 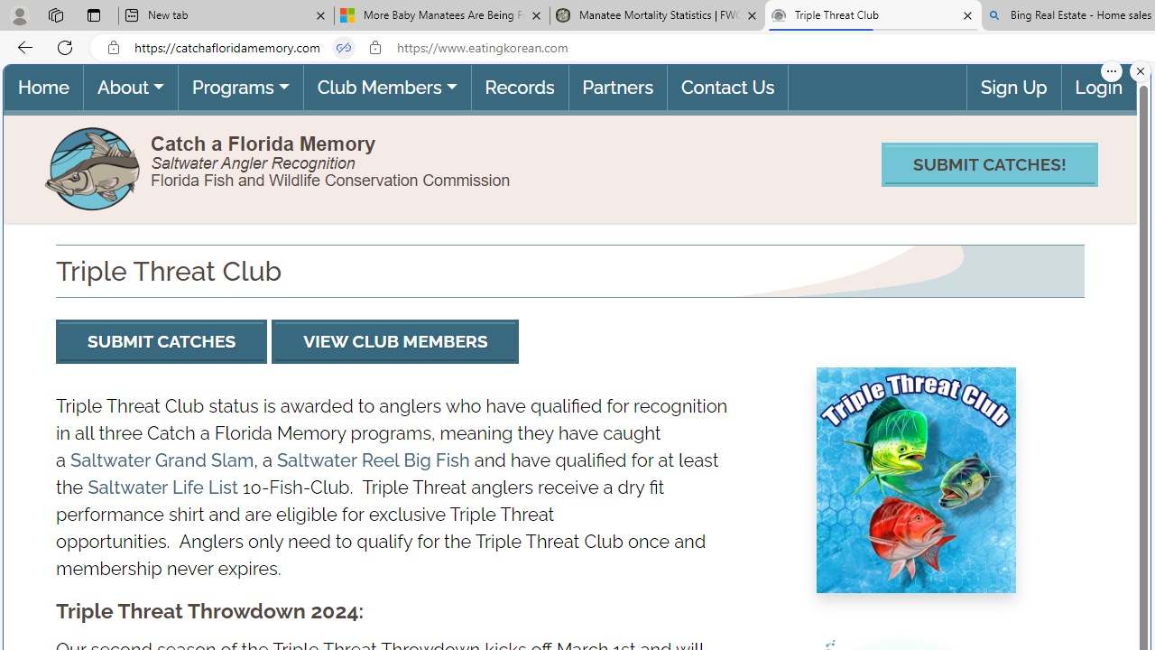 What do you see at coordinates (873, 15) in the screenshot?
I see `'Triple Threat Club'` at bounding box center [873, 15].